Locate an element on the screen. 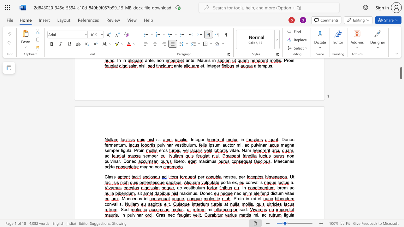 This screenshot has height=227, width=404. the space between the continuous character "v" and "i" in the text is located at coordinates (135, 215).